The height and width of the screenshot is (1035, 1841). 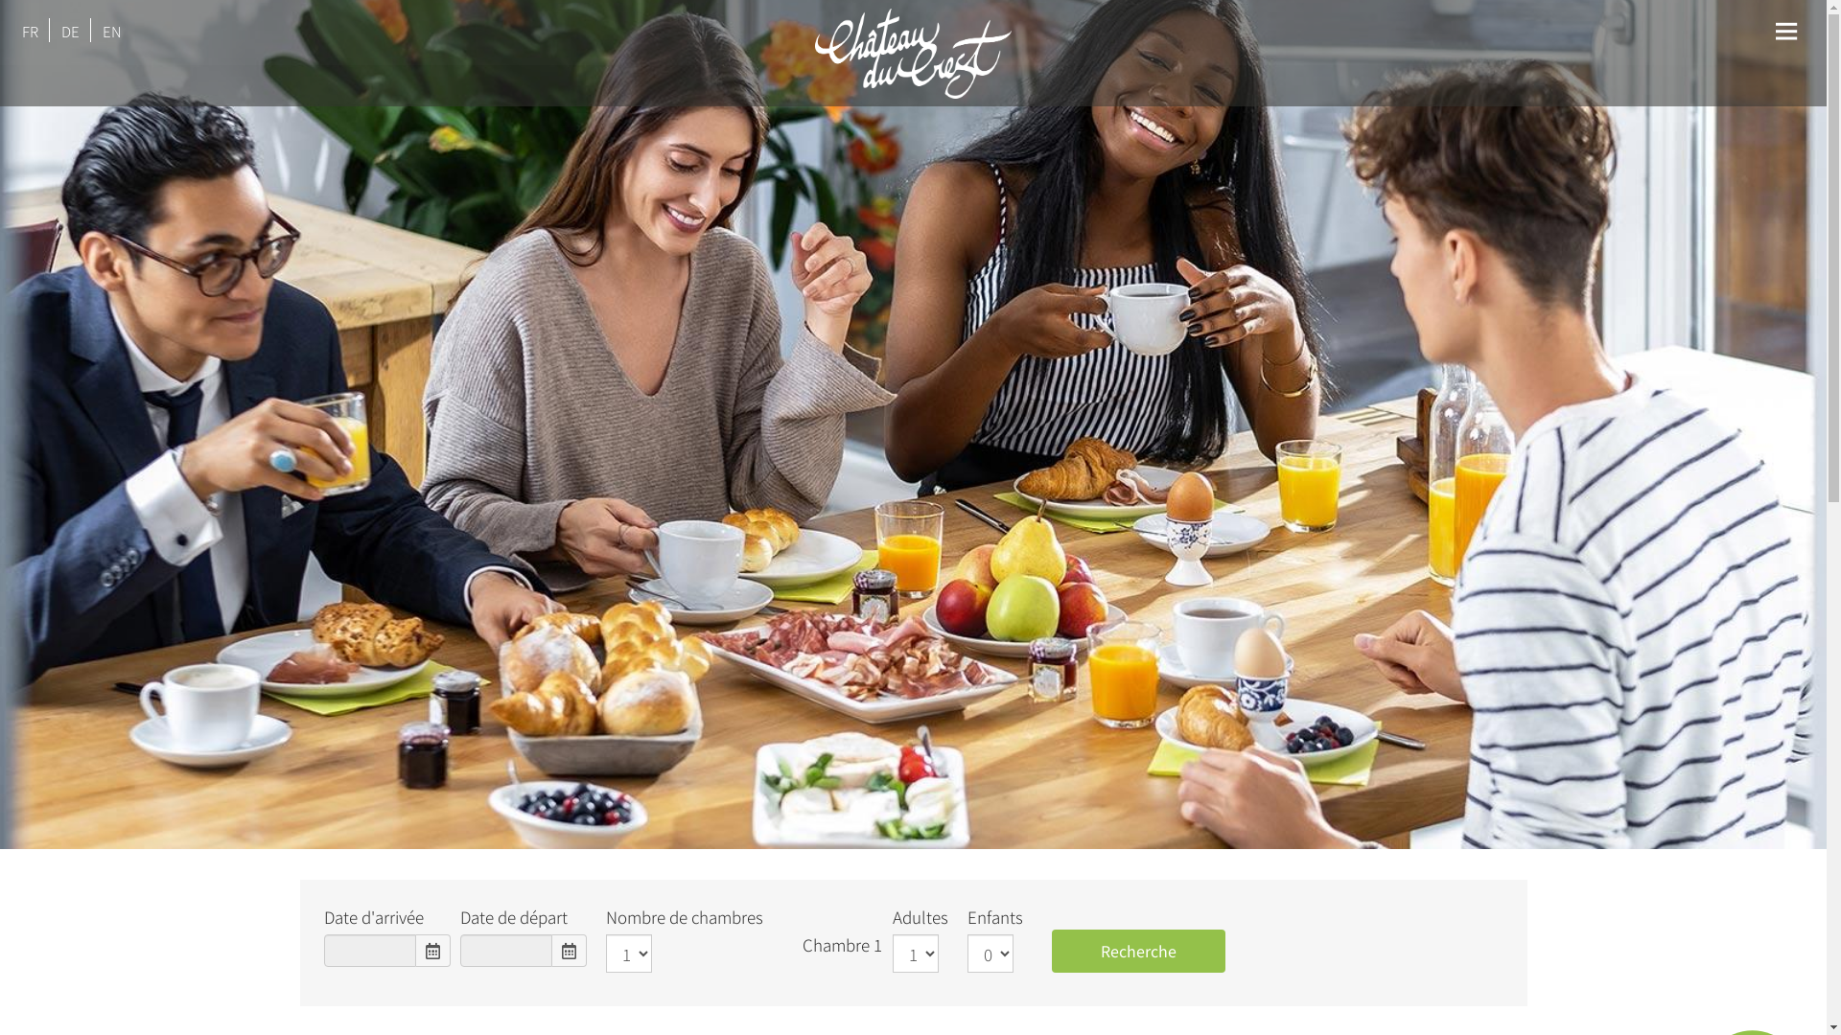 I want to click on 'EN', so click(x=110, y=31).